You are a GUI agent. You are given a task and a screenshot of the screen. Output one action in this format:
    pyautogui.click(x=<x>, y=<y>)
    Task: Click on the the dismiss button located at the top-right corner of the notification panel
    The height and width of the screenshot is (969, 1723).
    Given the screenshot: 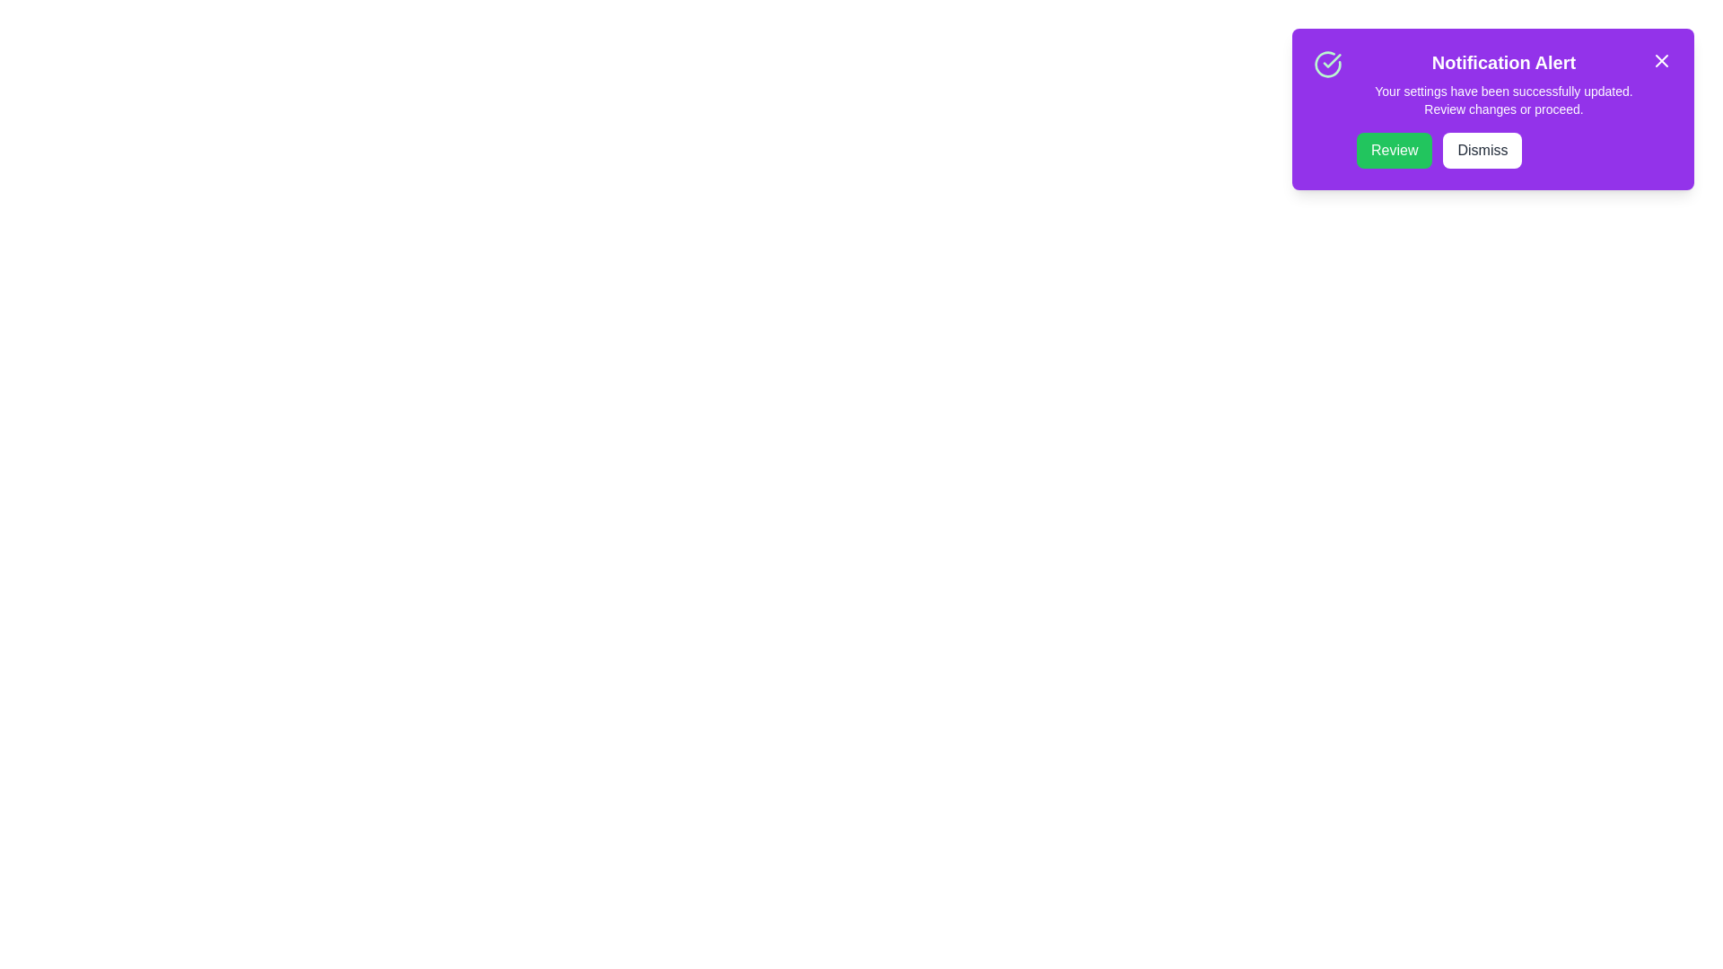 What is the action you would take?
    pyautogui.click(x=1482, y=150)
    